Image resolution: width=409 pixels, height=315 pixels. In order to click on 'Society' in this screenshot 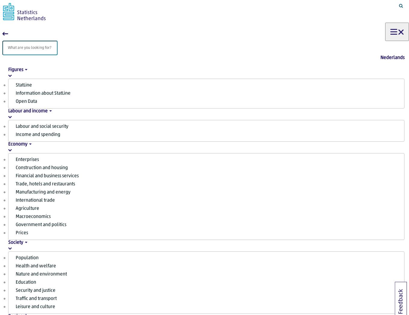, I will do `click(15, 242)`.